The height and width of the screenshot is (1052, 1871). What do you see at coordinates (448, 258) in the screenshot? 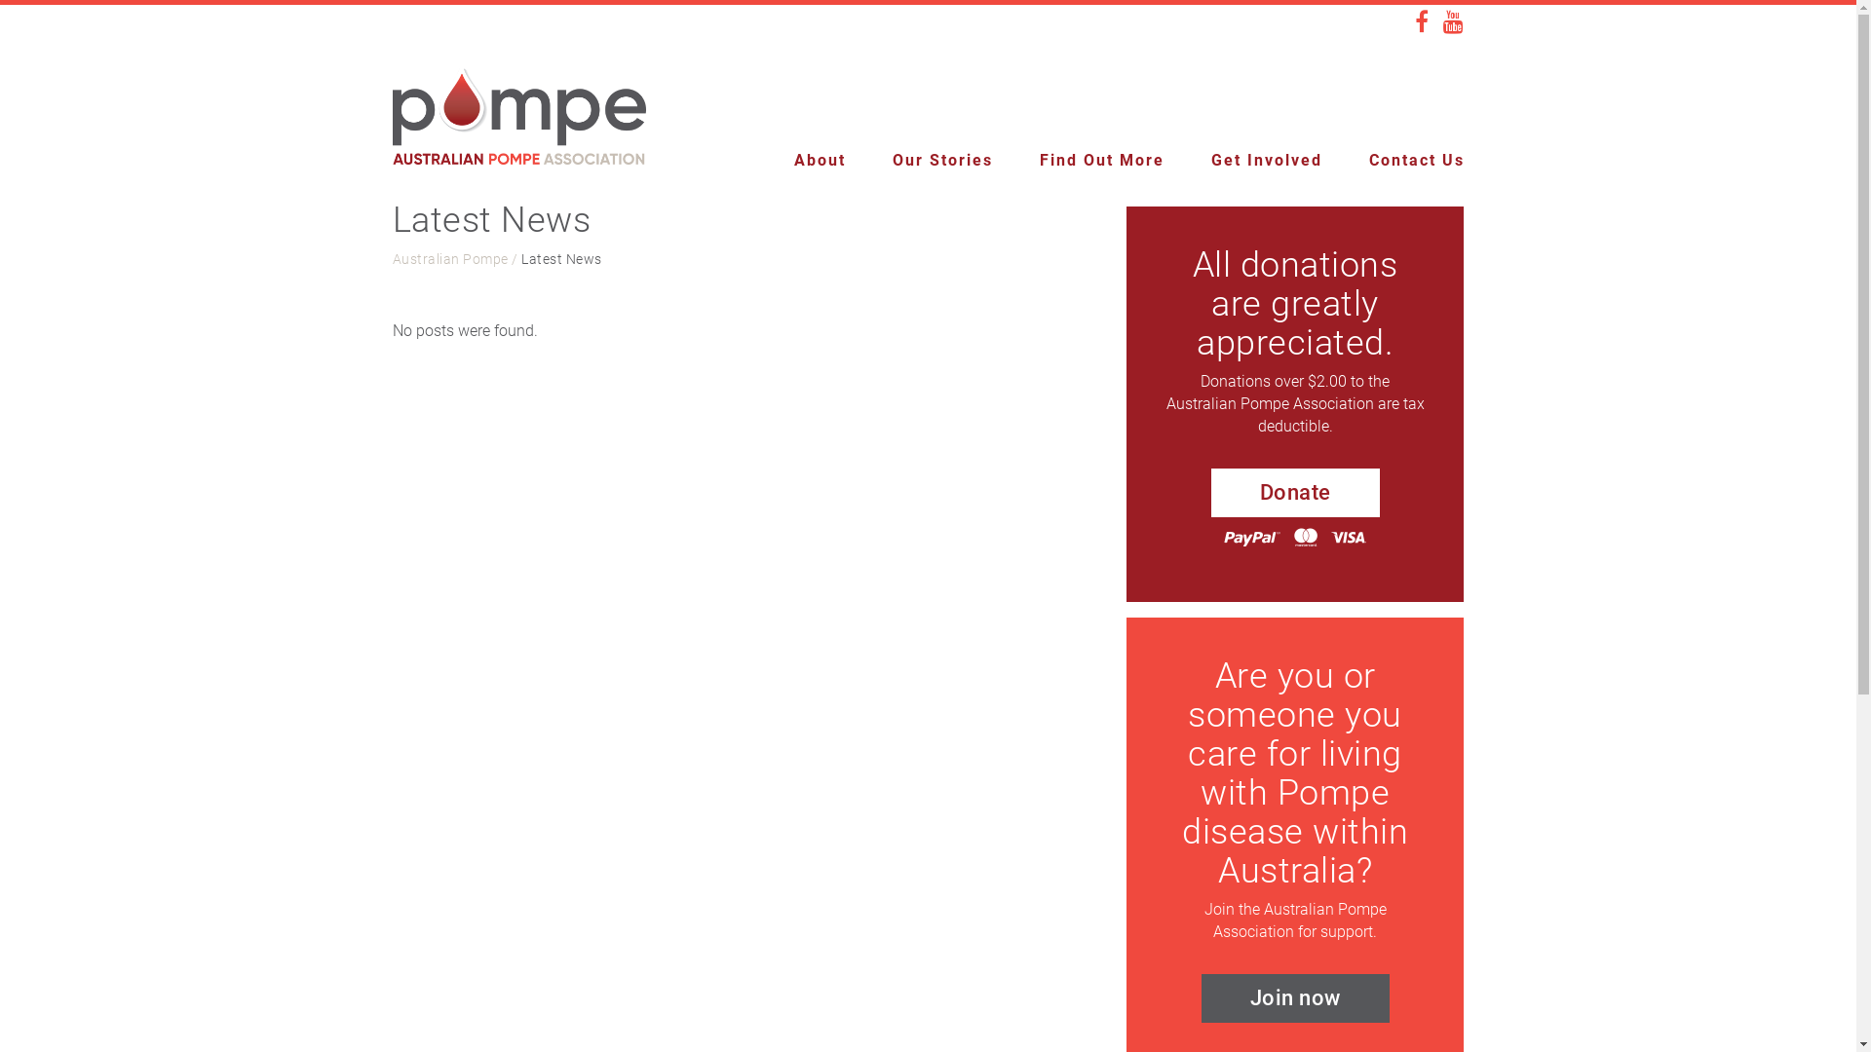
I see `'Australian Pompe'` at bounding box center [448, 258].